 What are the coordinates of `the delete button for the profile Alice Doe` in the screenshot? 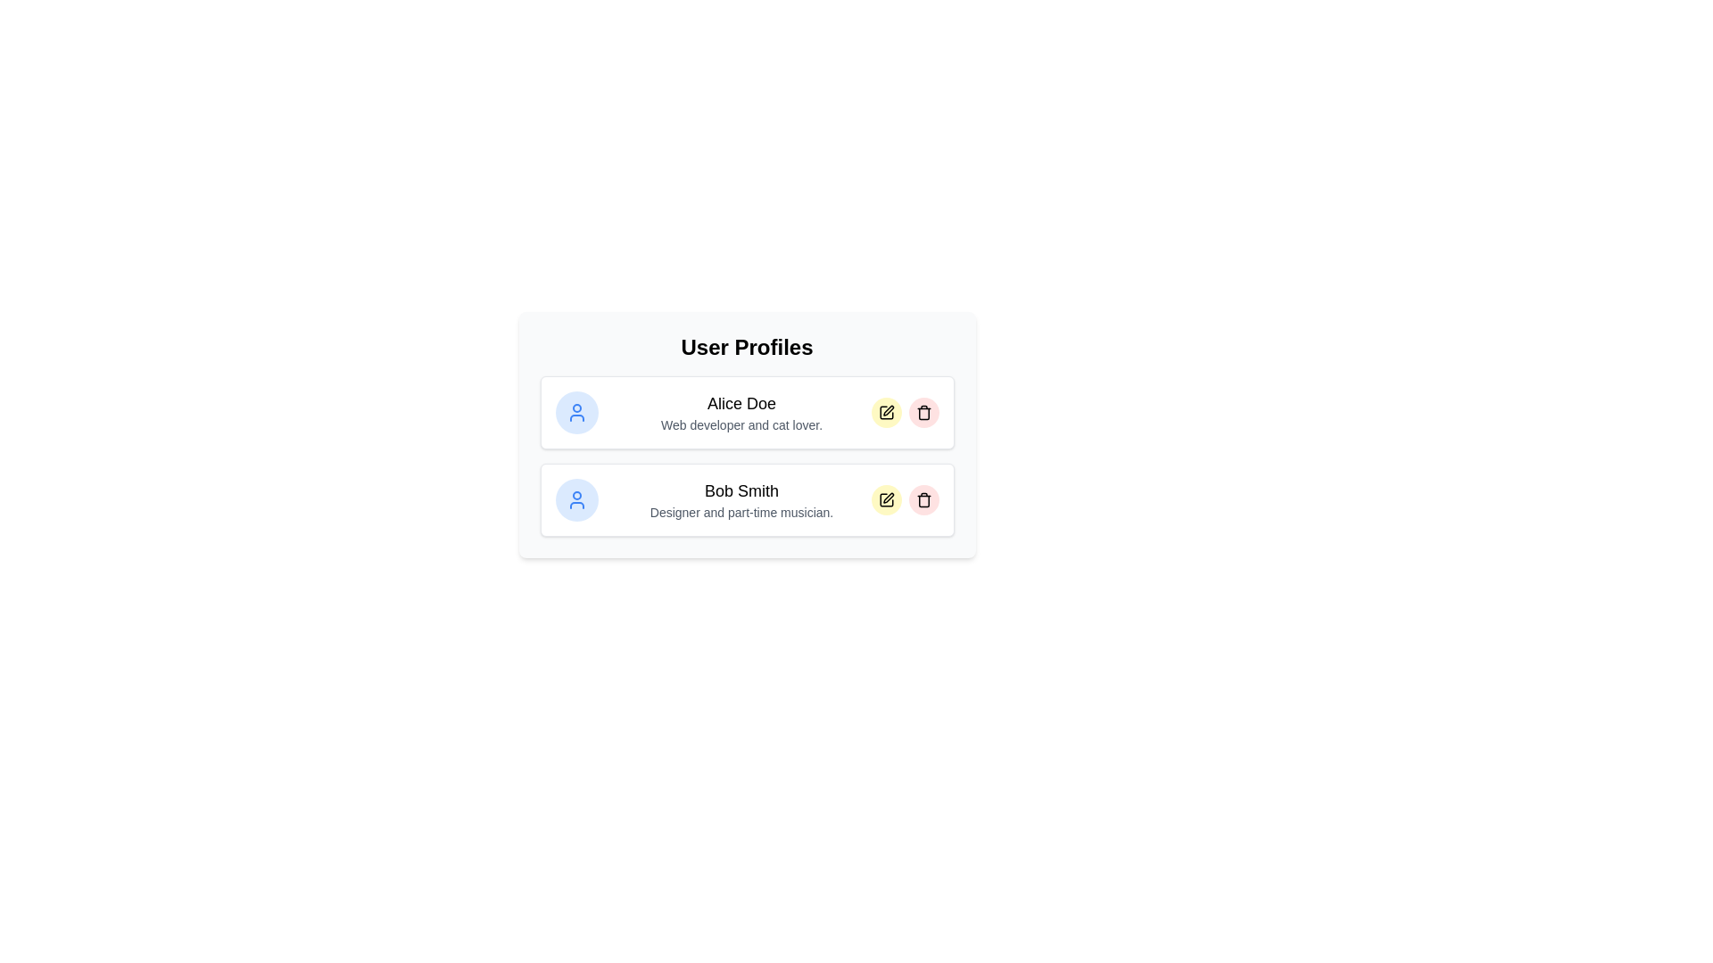 It's located at (923, 412).